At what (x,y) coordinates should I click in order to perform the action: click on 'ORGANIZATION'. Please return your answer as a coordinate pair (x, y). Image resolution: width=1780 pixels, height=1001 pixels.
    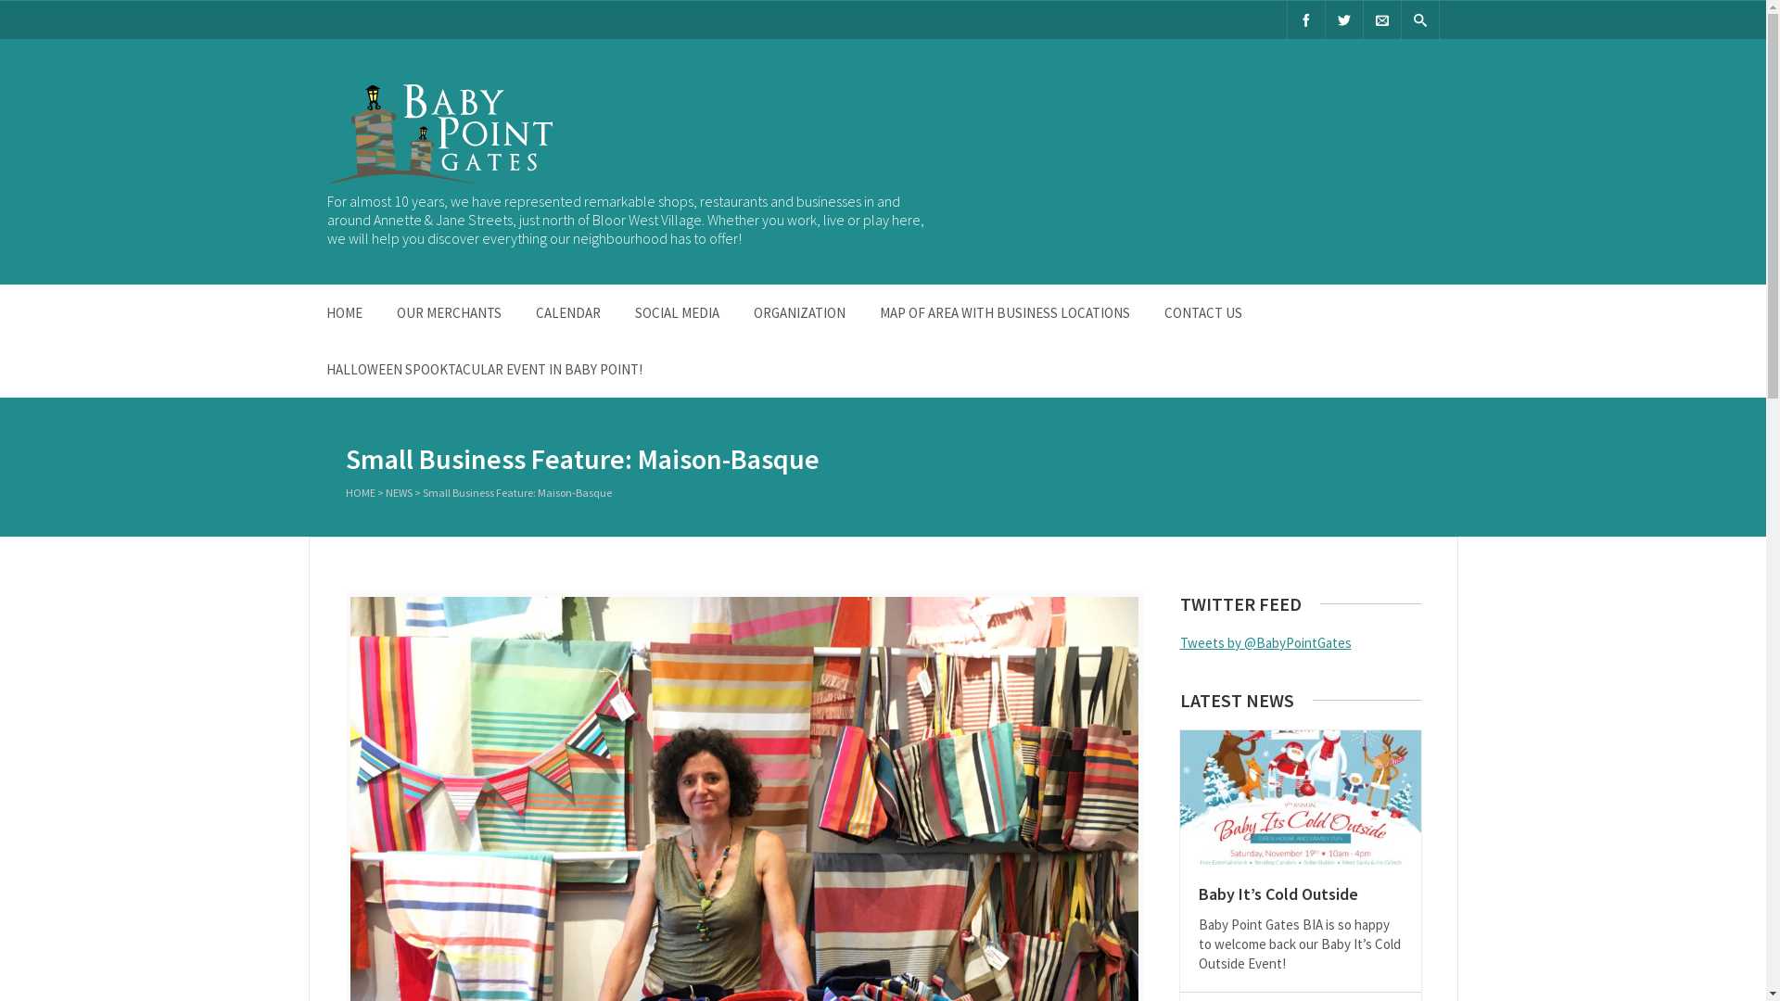
    Looking at the image, I should click on (799, 311).